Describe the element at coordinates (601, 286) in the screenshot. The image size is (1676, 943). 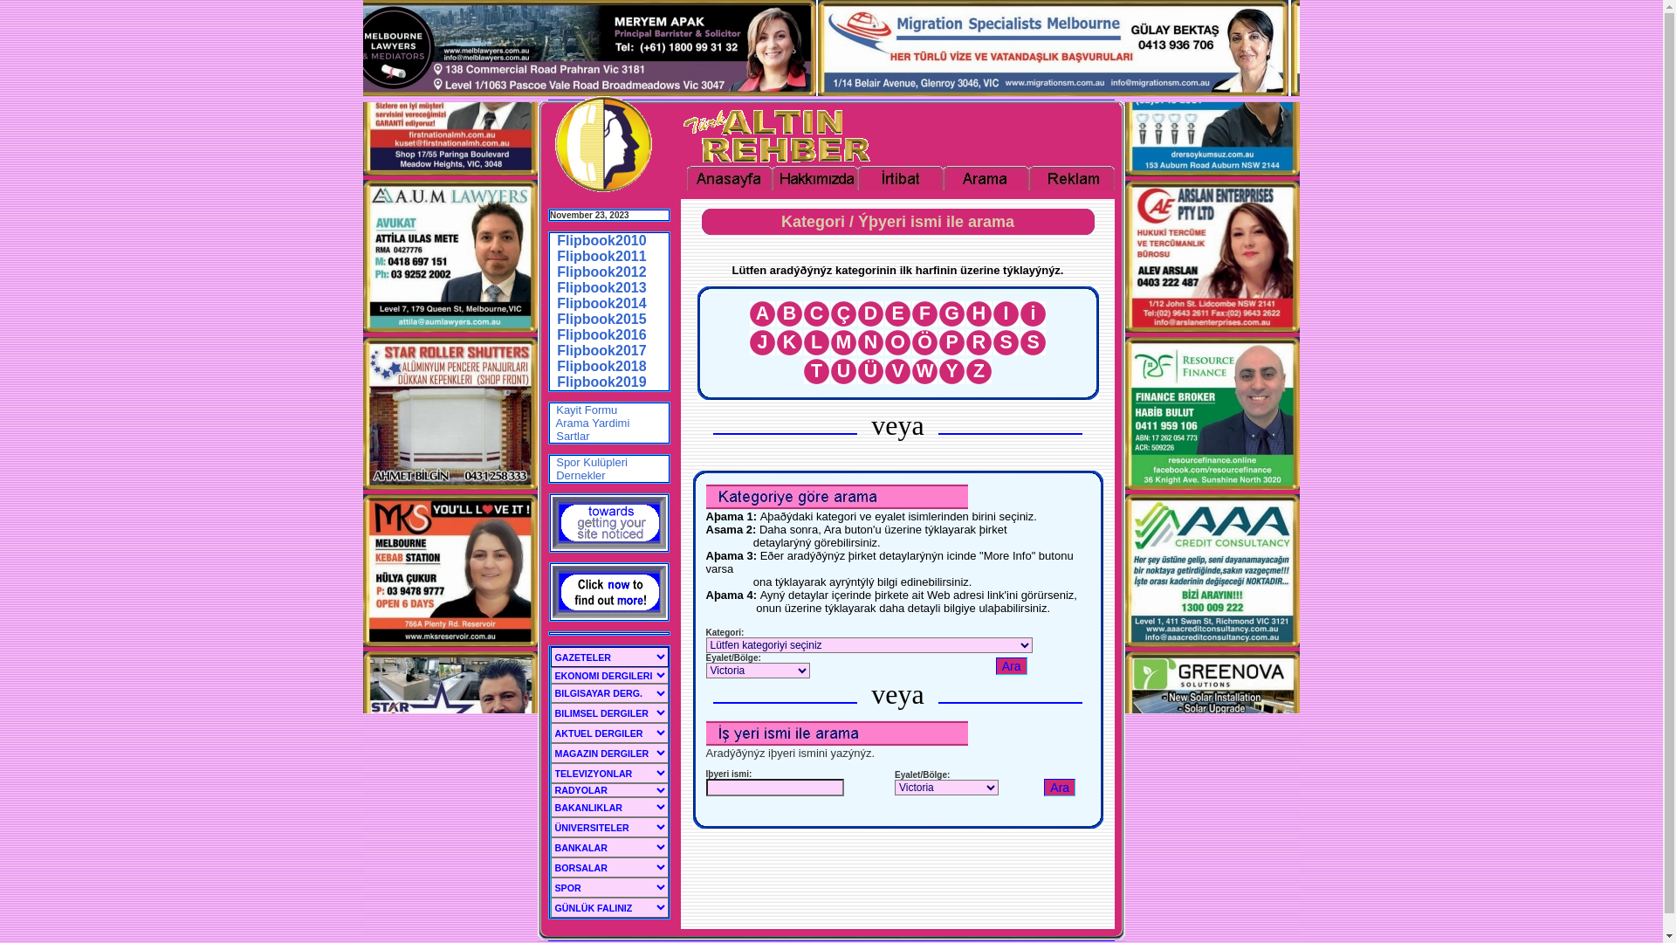
I see `'Flipbook2013'` at that location.